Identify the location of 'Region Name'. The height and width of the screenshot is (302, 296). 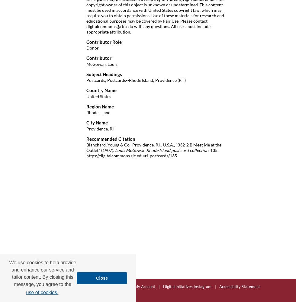
(100, 106).